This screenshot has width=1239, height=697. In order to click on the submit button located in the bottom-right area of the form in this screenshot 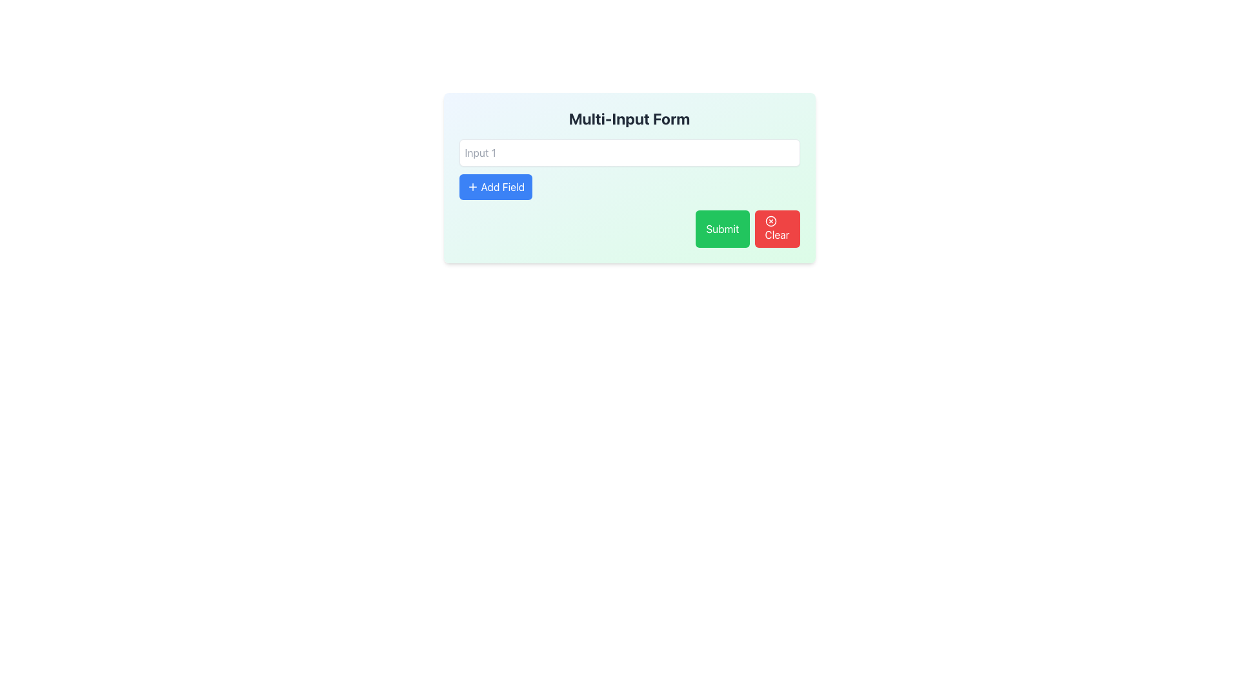, I will do `click(721, 228)`.